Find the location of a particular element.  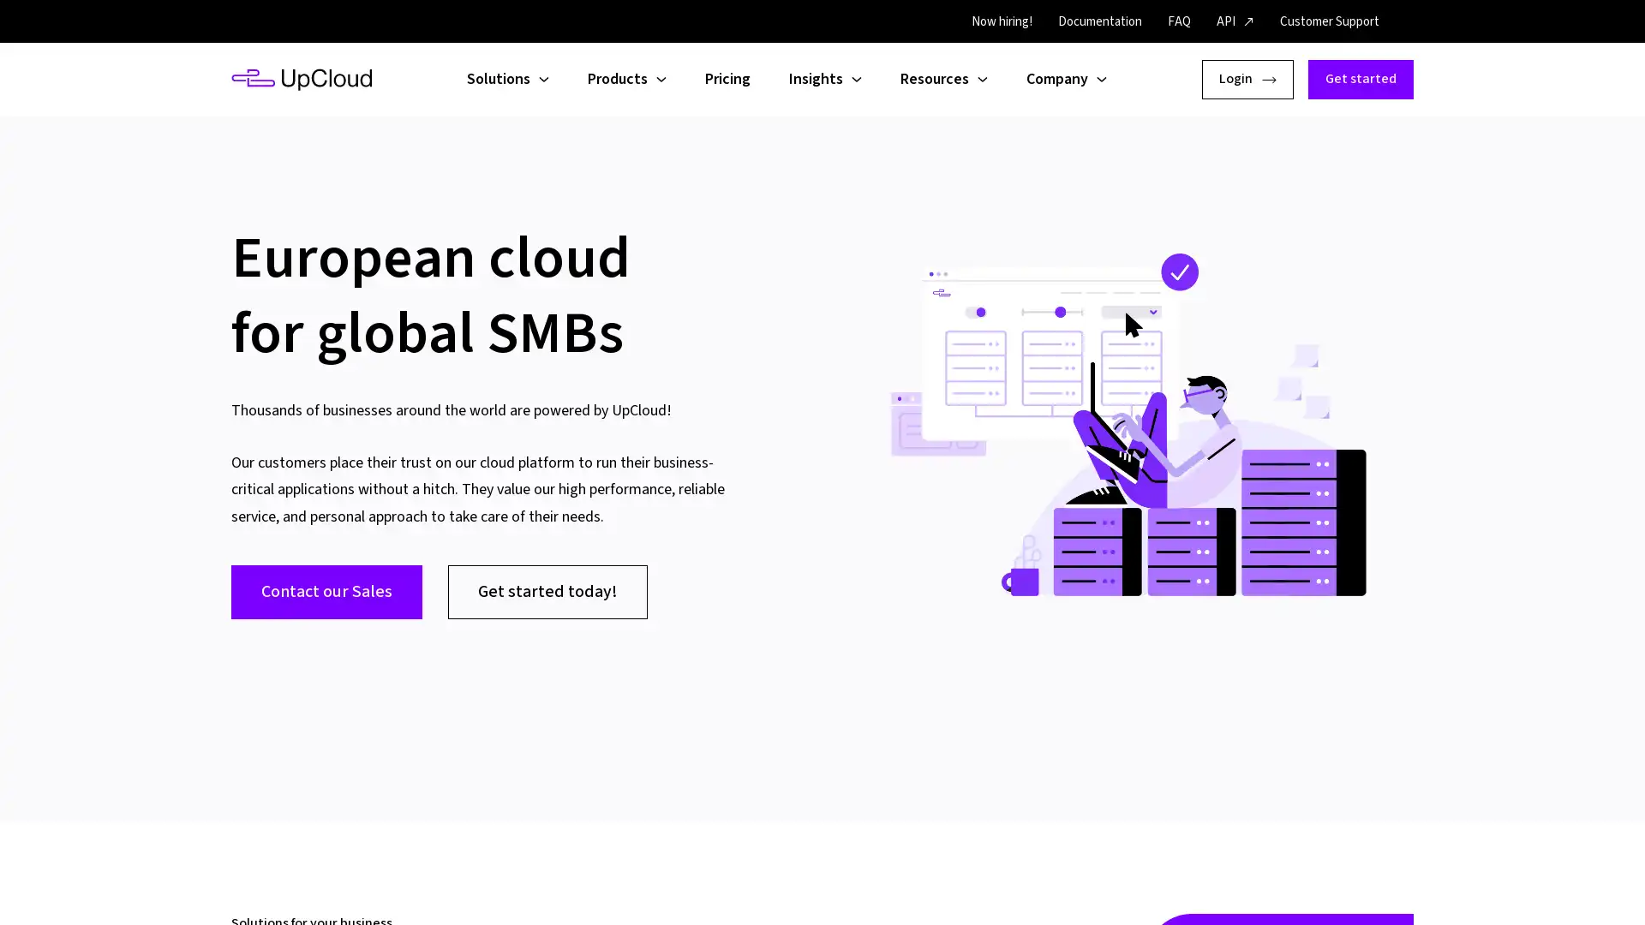

Open child menu for Resources is located at coordinates (983, 79).